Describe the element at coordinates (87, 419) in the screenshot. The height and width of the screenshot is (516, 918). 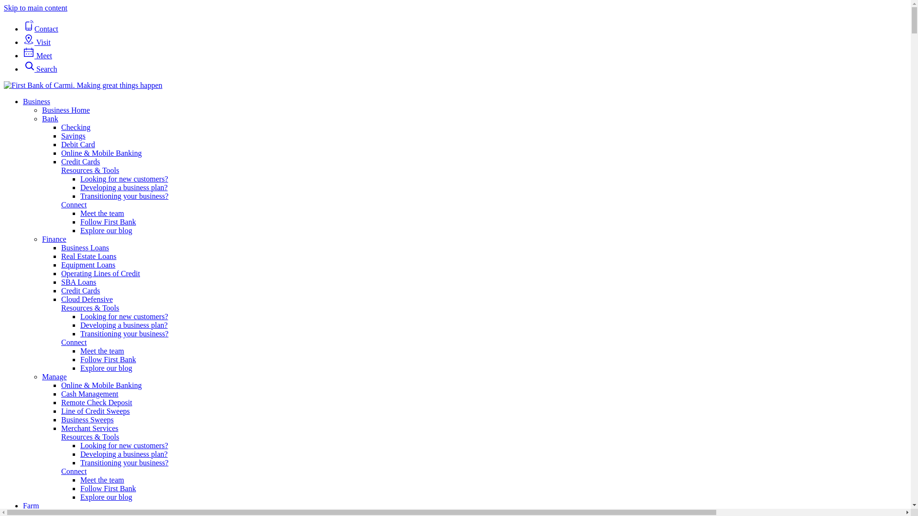
I see `'Business Sweeps'` at that location.